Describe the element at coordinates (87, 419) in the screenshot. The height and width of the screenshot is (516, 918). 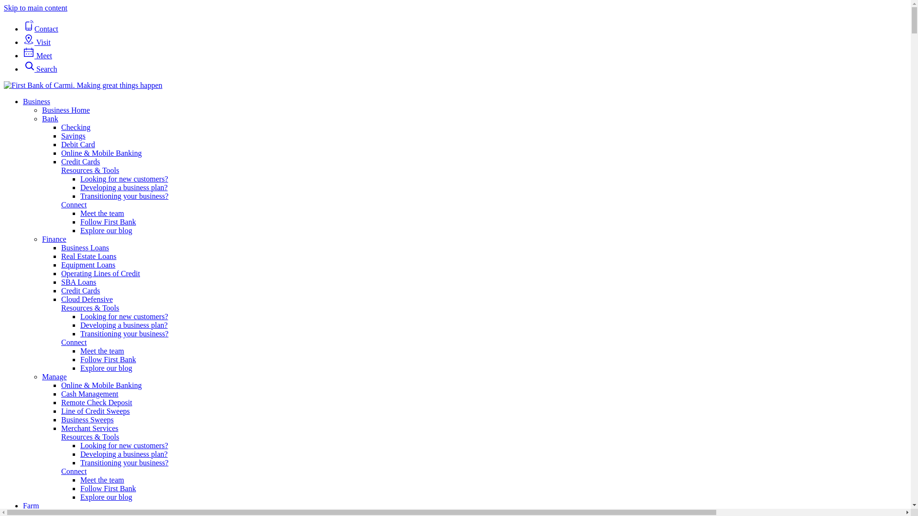
I see `'Business Sweeps'` at that location.